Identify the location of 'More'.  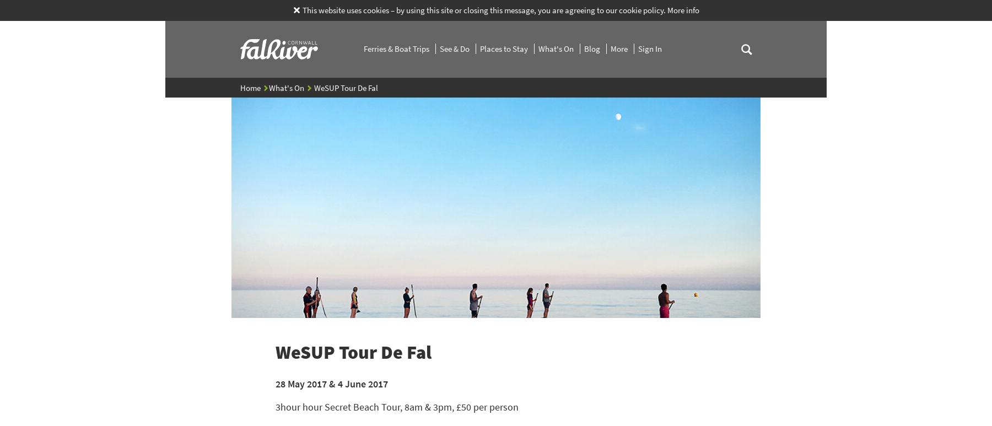
(620, 48).